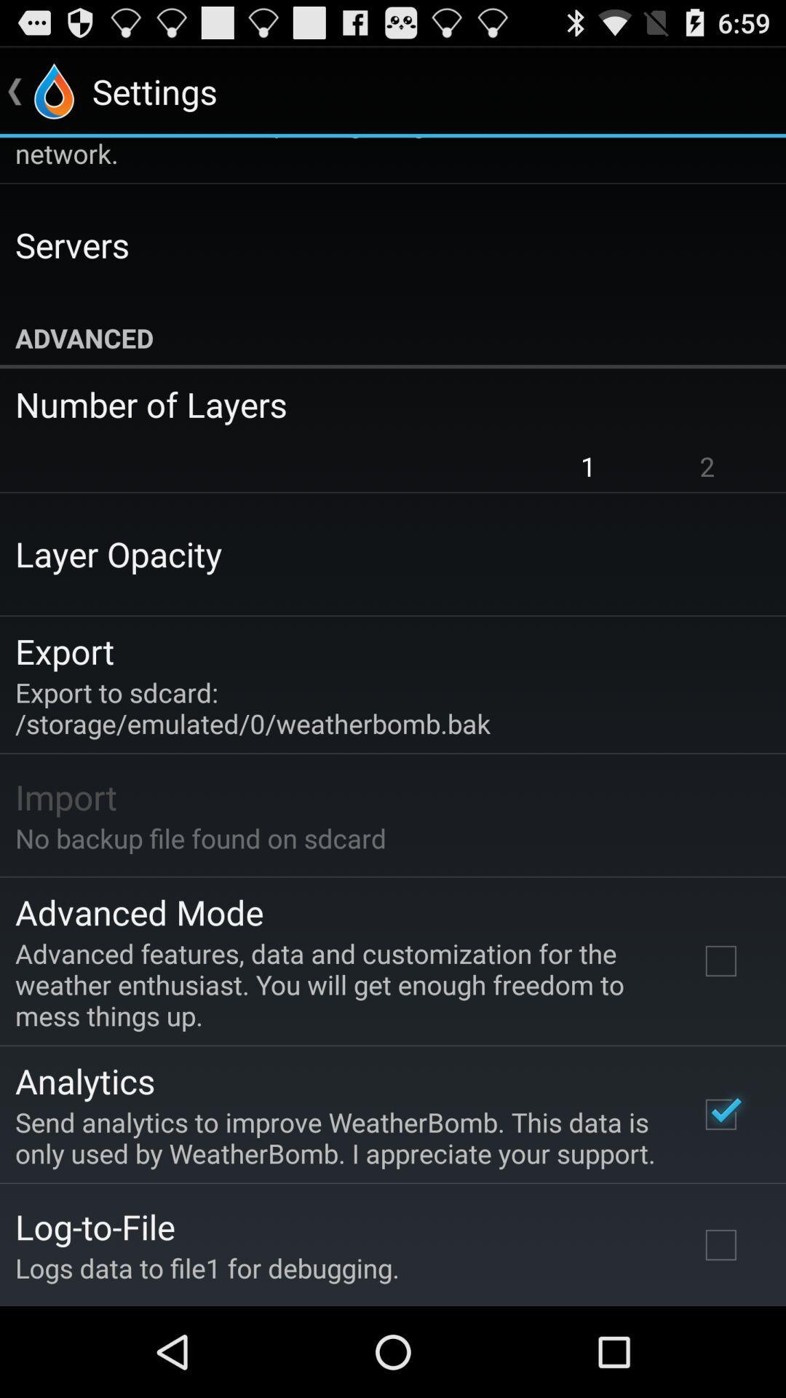  What do you see at coordinates (337, 984) in the screenshot?
I see `item below advanced mode item` at bounding box center [337, 984].